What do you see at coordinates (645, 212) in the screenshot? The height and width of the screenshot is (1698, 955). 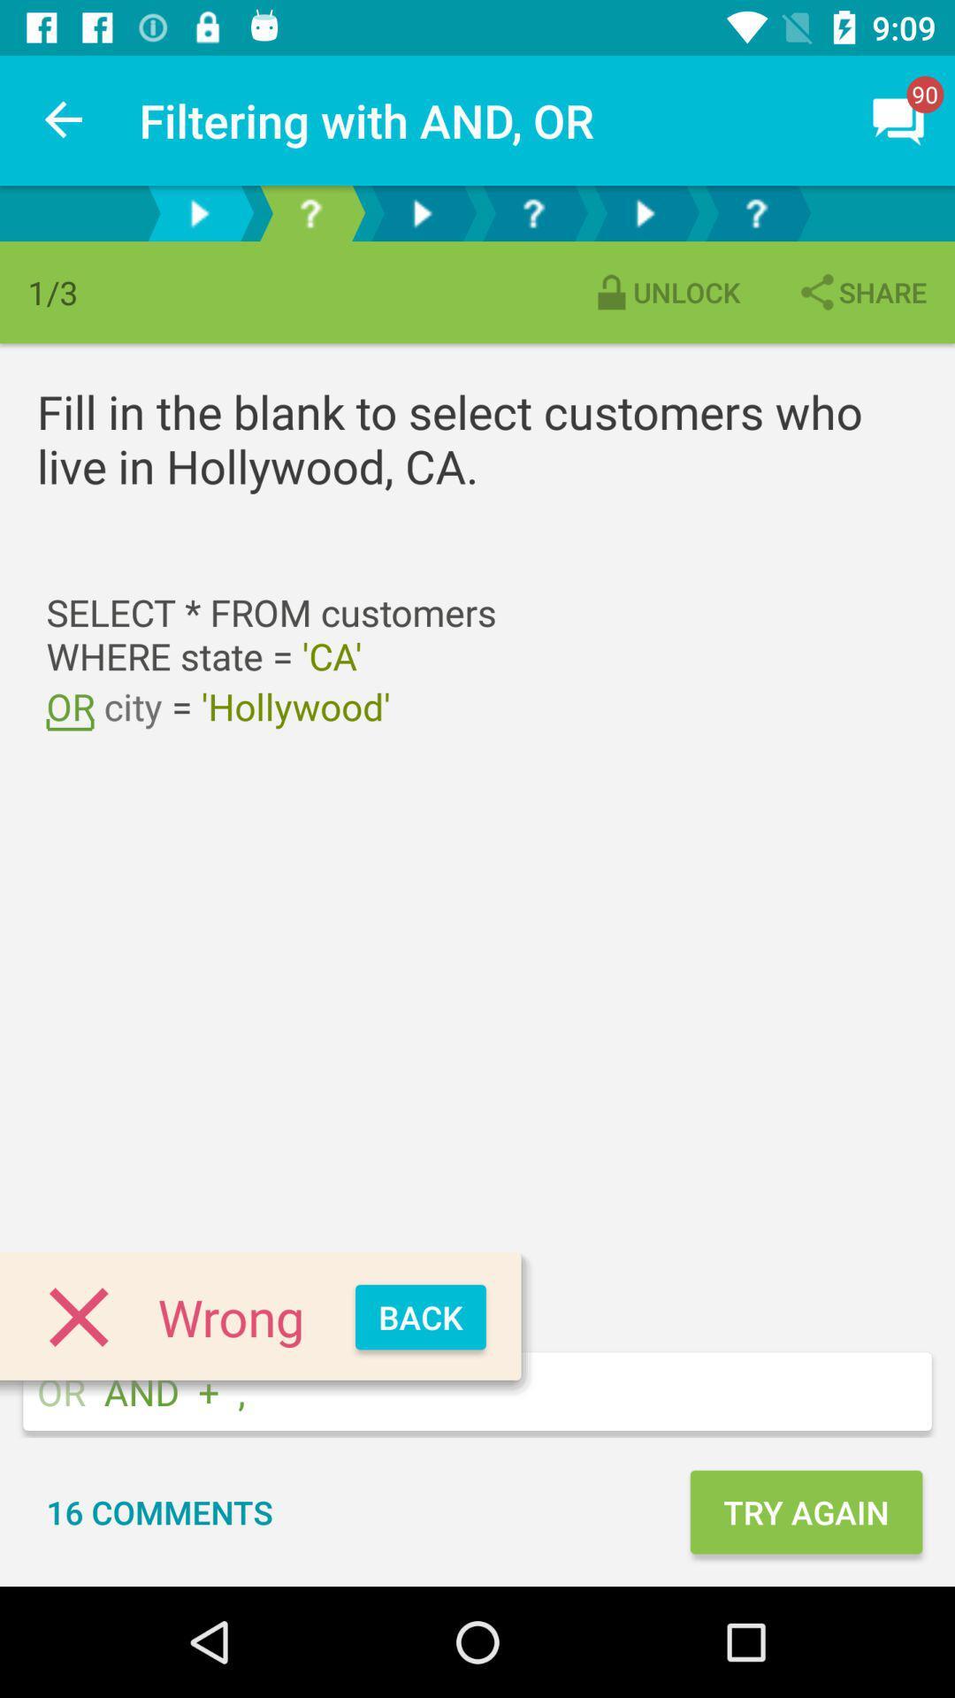 I see `fifth breadcrumb` at bounding box center [645, 212].